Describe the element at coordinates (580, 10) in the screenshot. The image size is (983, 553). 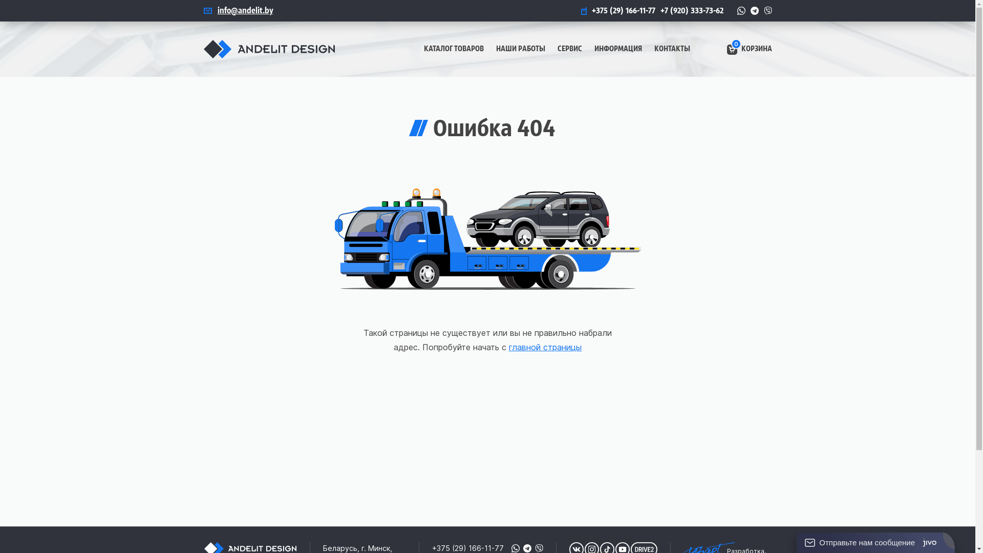
I see `'+375 (29) 166-11-77'` at that location.